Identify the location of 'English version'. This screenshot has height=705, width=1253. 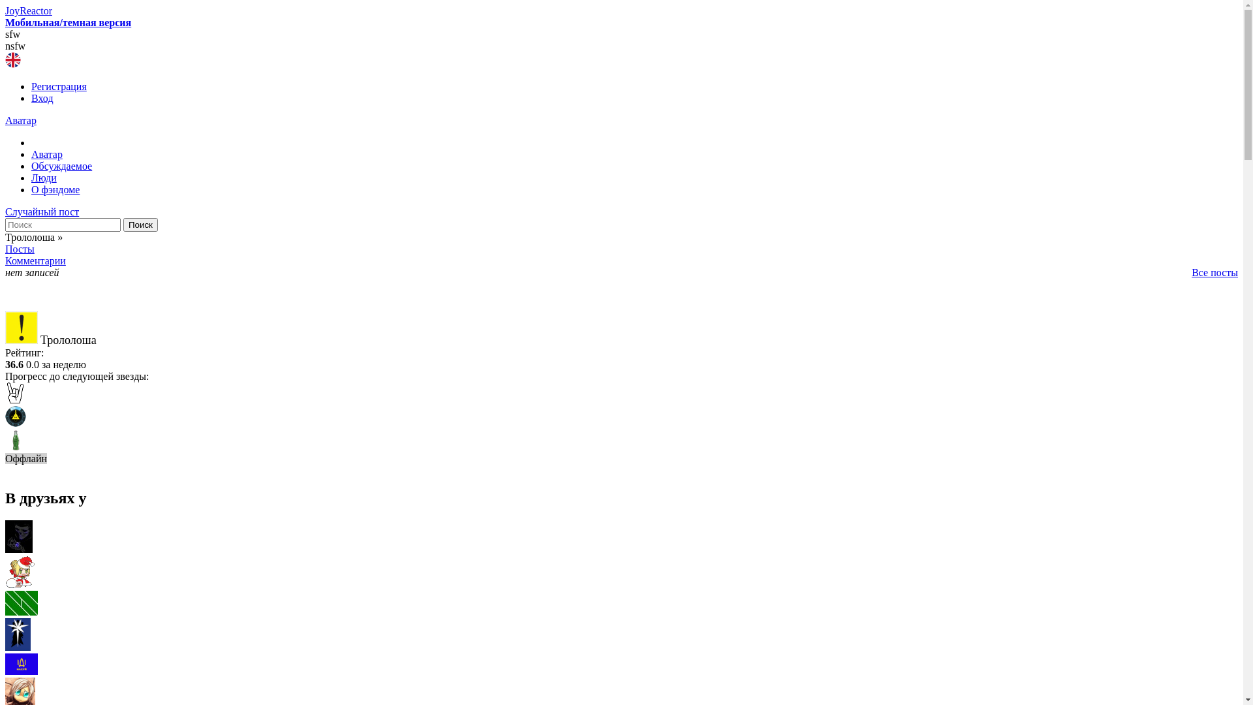
(12, 60).